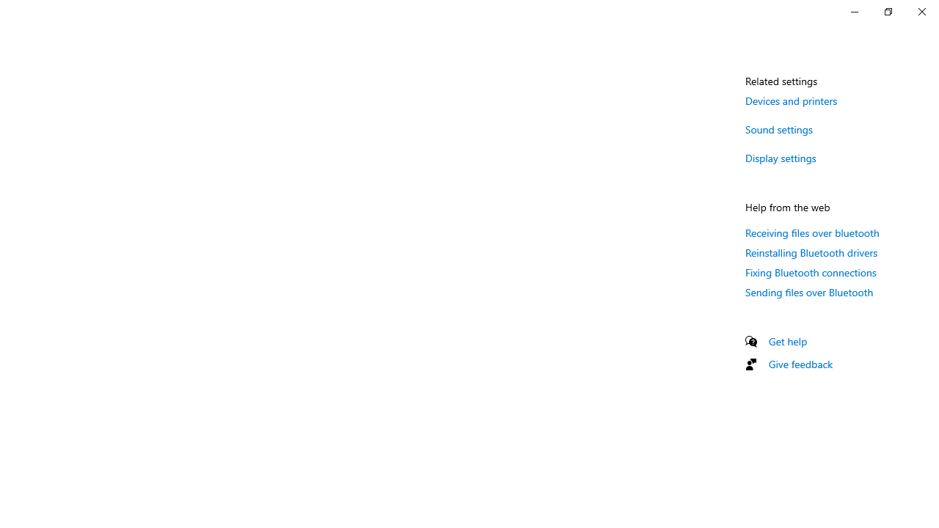  Describe the element at coordinates (778, 128) in the screenshot. I see `'Sound settings'` at that location.